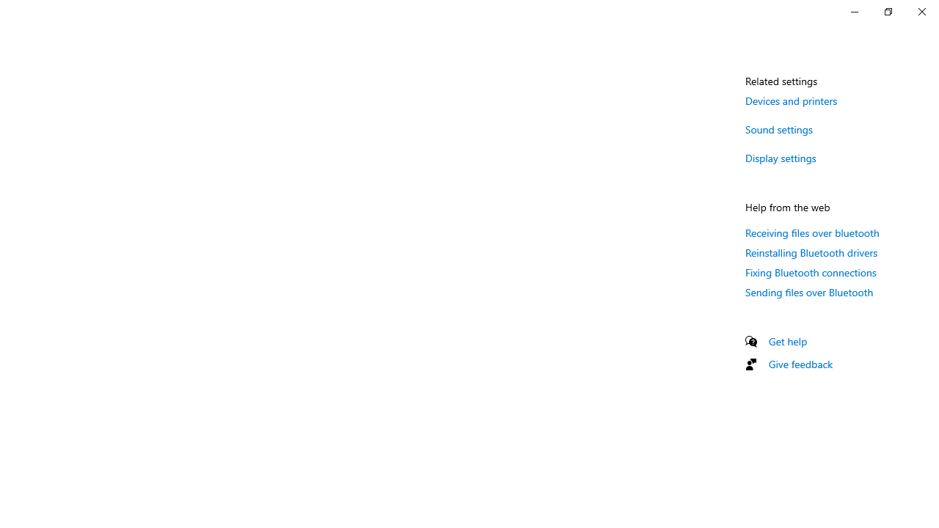  Describe the element at coordinates (778, 128) in the screenshot. I see `'Sound settings'` at that location.